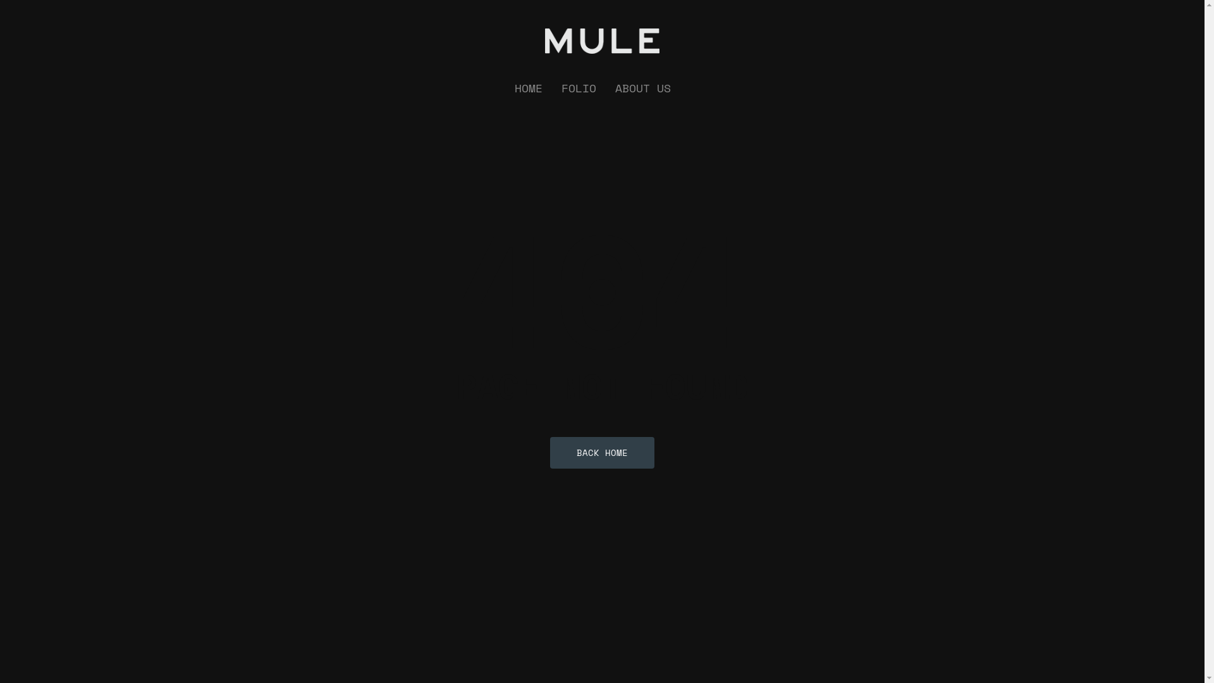 The height and width of the screenshot is (683, 1214). What do you see at coordinates (578, 87) in the screenshot?
I see `'FOLIO'` at bounding box center [578, 87].